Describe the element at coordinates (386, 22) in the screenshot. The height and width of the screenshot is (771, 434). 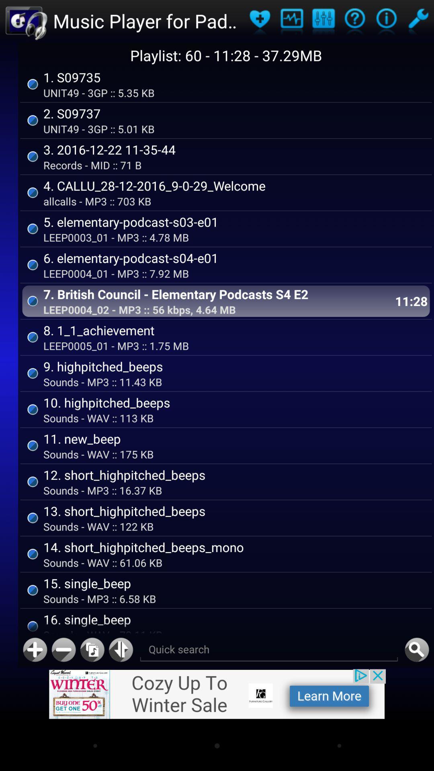
I see `the info icon` at that location.